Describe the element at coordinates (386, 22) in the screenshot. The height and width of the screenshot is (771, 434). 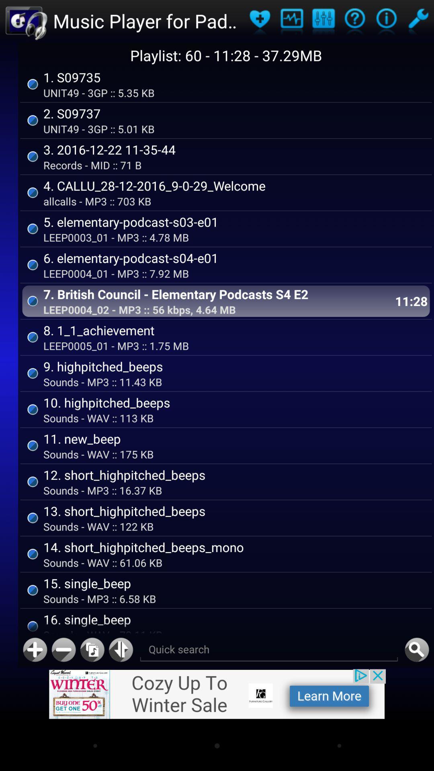
I see `the info icon` at that location.